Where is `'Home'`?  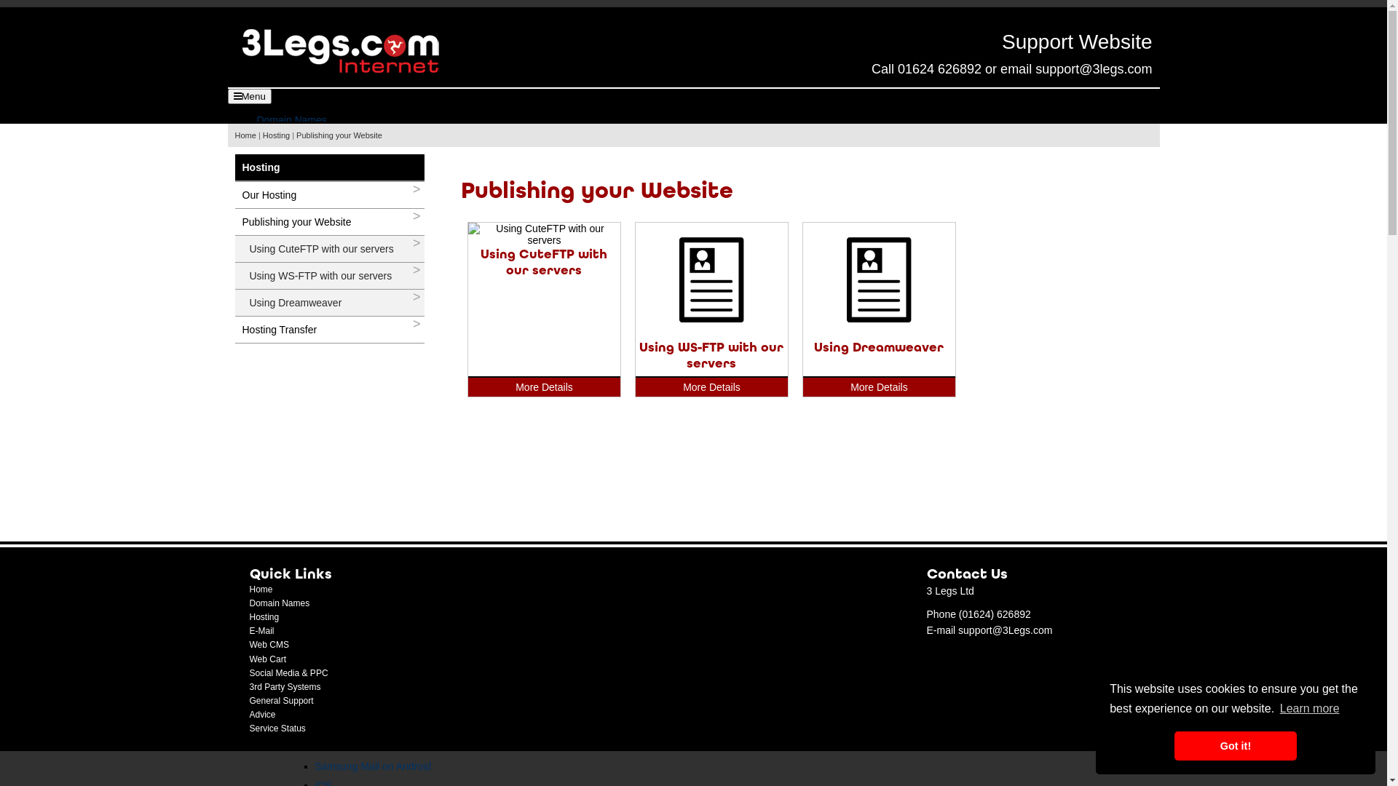 'Home' is located at coordinates (234, 135).